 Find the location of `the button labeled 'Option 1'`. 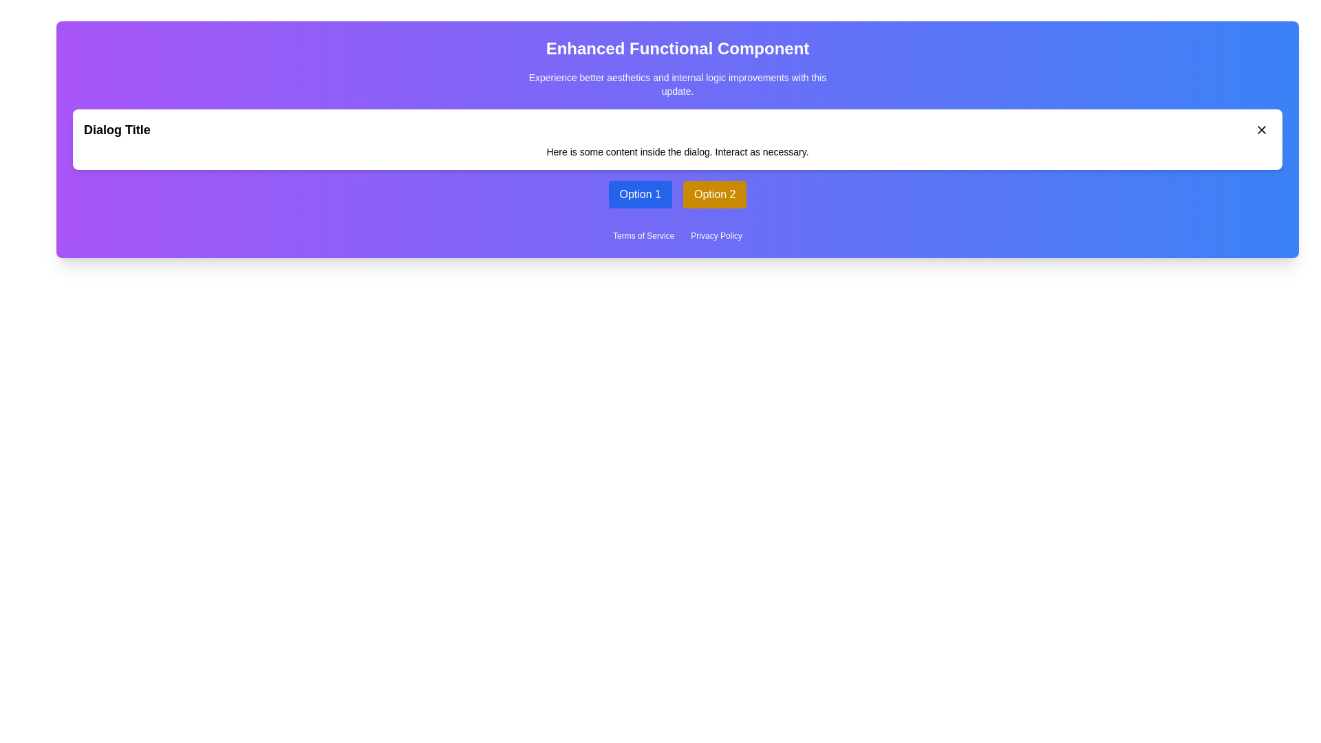

the button labeled 'Option 1' is located at coordinates (639, 194).